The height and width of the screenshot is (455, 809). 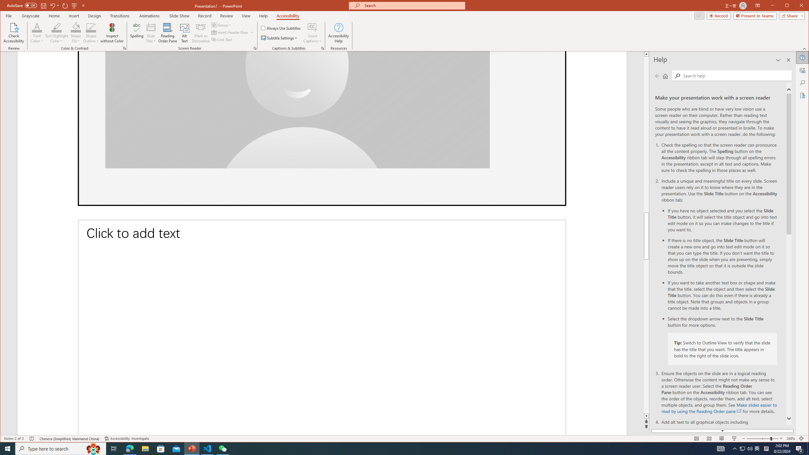 What do you see at coordinates (232, 32) in the screenshot?
I see `'Group'` at bounding box center [232, 32].